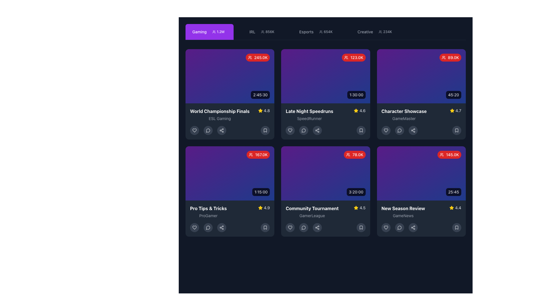 This screenshot has width=543, height=305. Describe the element at coordinates (326, 218) in the screenshot. I see `the community tournament informational card located in the third row, second from the left, below the 'Late Night Speedruns' card` at that location.